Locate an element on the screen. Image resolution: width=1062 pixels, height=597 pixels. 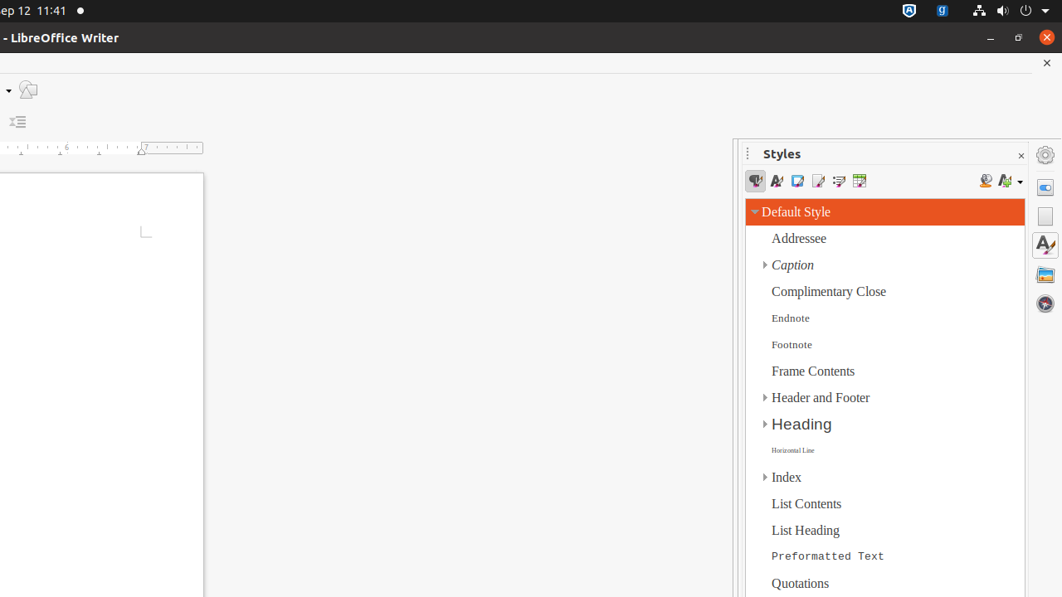
'Styles actions' is located at coordinates (1010, 181).